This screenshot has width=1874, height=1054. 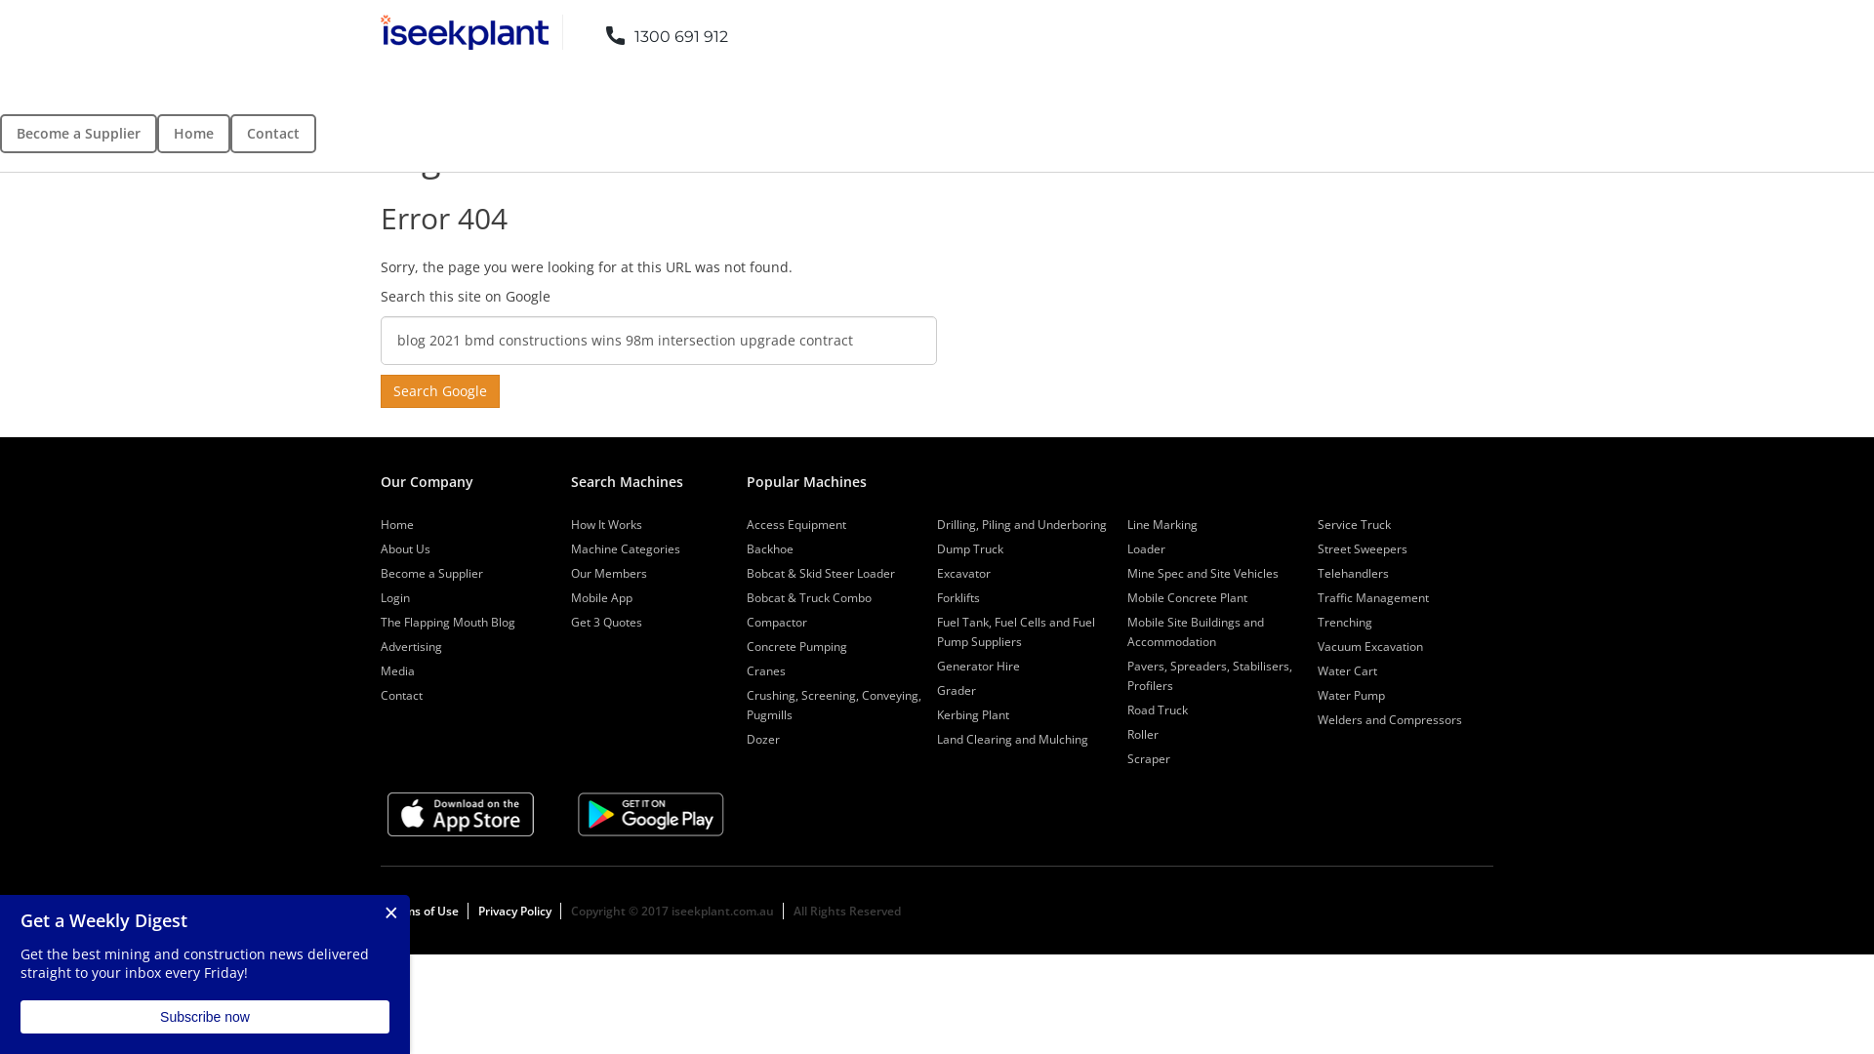 I want to click on 'Terms of Use', so click(x=385, y=911).